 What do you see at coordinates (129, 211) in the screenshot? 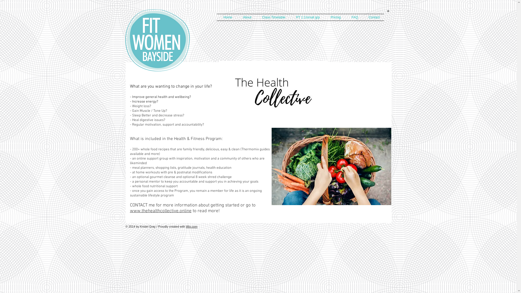
I see `'www.thehealthcollective.online'` at bounding box center [129, 211].